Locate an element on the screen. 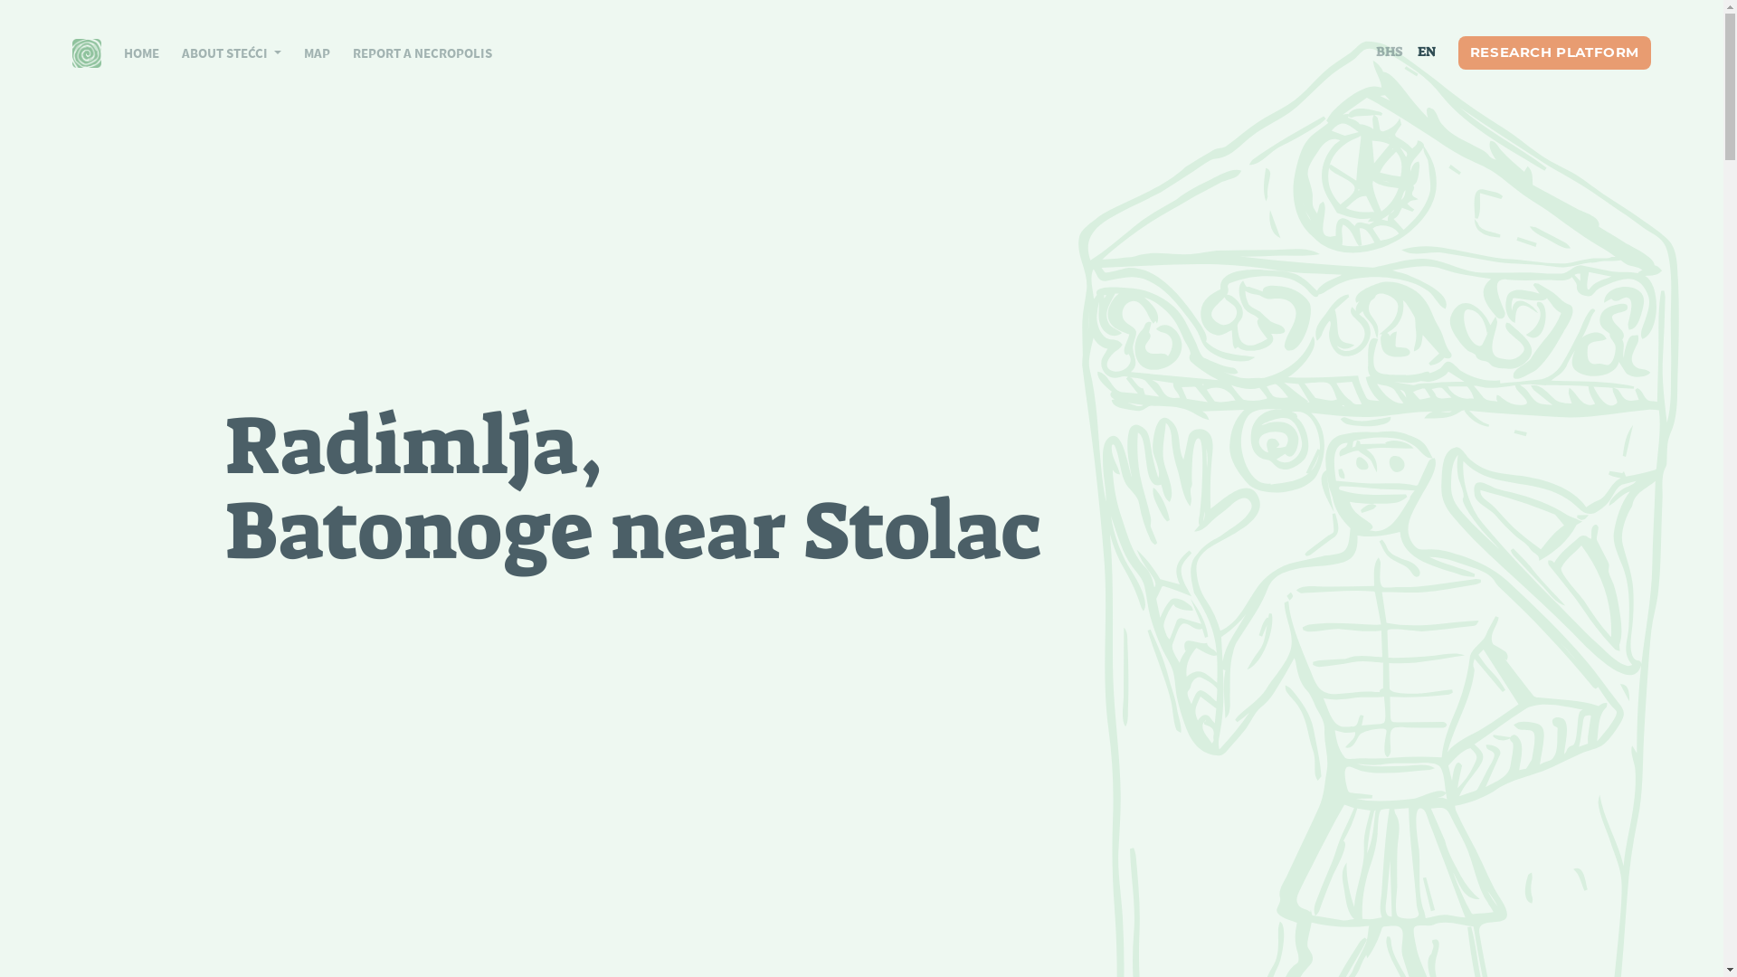 The image size is (1737, 977). 'BHS' is located at coordinates (1389, 51).